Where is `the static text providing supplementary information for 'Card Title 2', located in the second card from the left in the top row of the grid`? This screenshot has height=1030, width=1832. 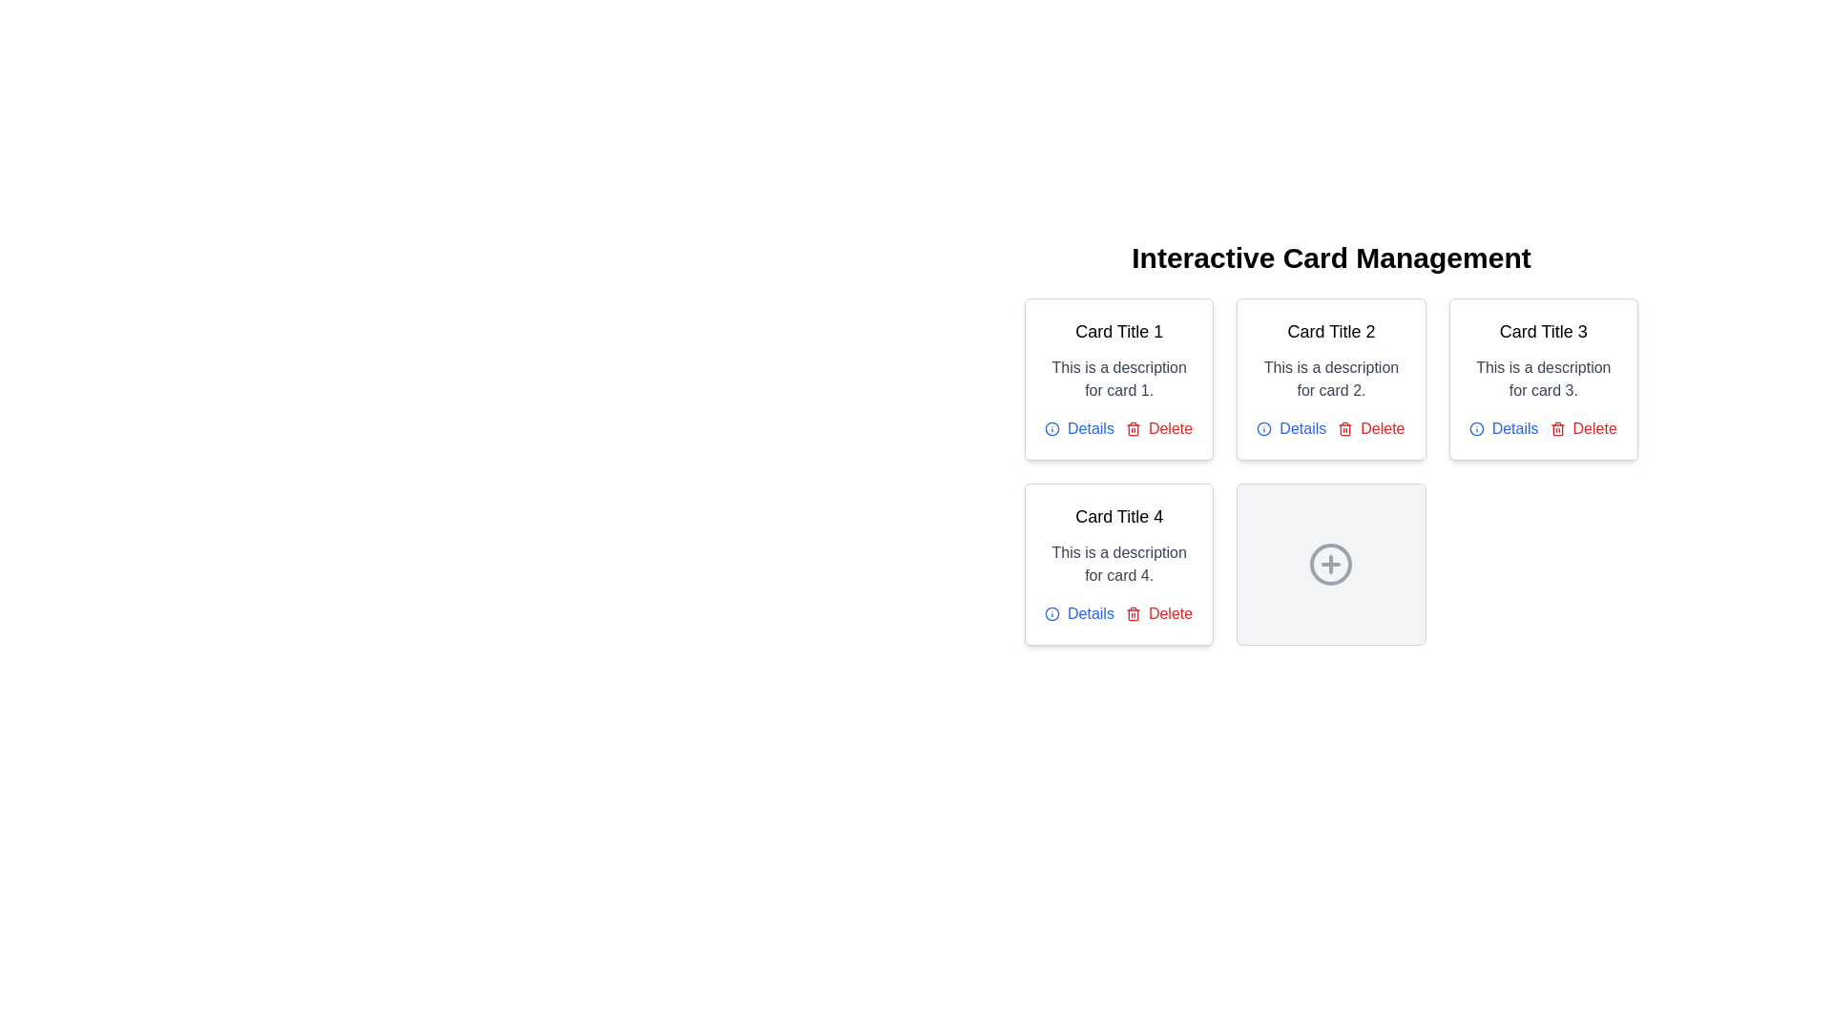
the static text providing supplementary information for 'Card Title 2', located in the second card from the left in the top row of the grid is located at coordinates (1330, 379).